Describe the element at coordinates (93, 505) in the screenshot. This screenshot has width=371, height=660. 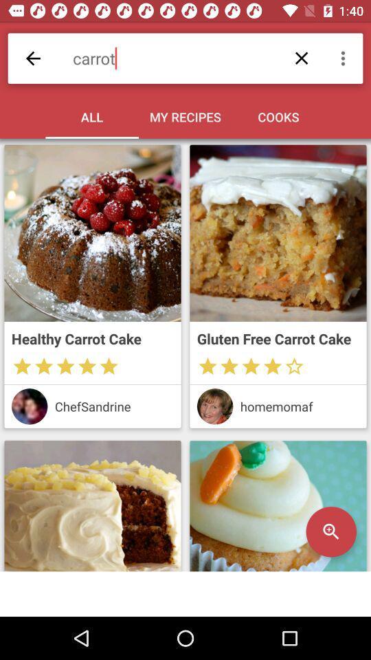
I see `open image` at that location.